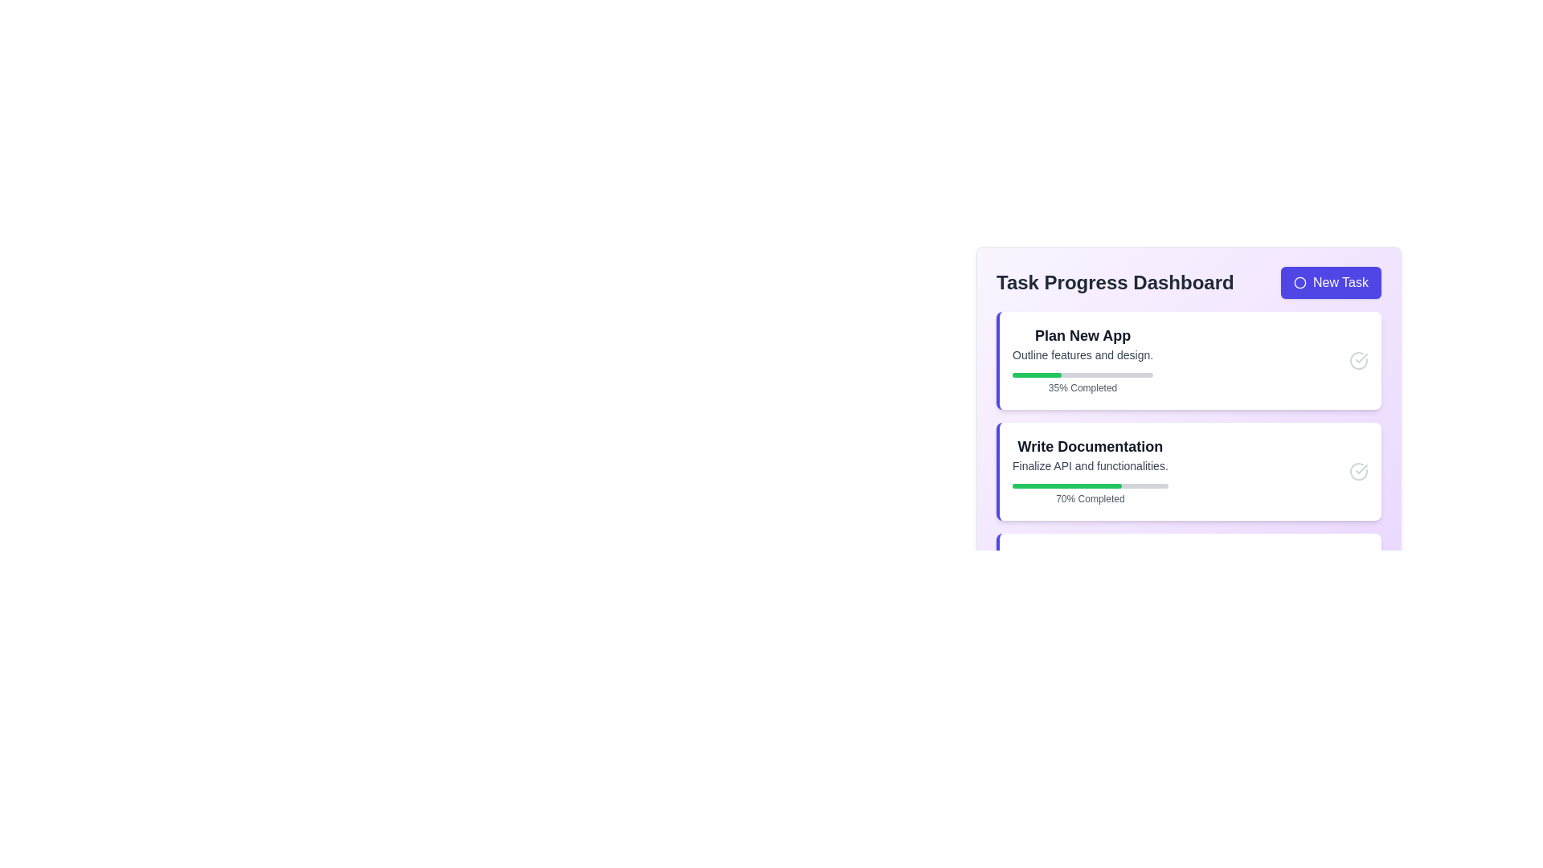 This screenshot has width=1543, height=868. What do you see at coordinates (1083, 354) in the screenshot?
I see `the Text Label element that reads 'Outline features and design.', which is positioned below the title 'Plan New App'` at bounding box center [1083, 354].